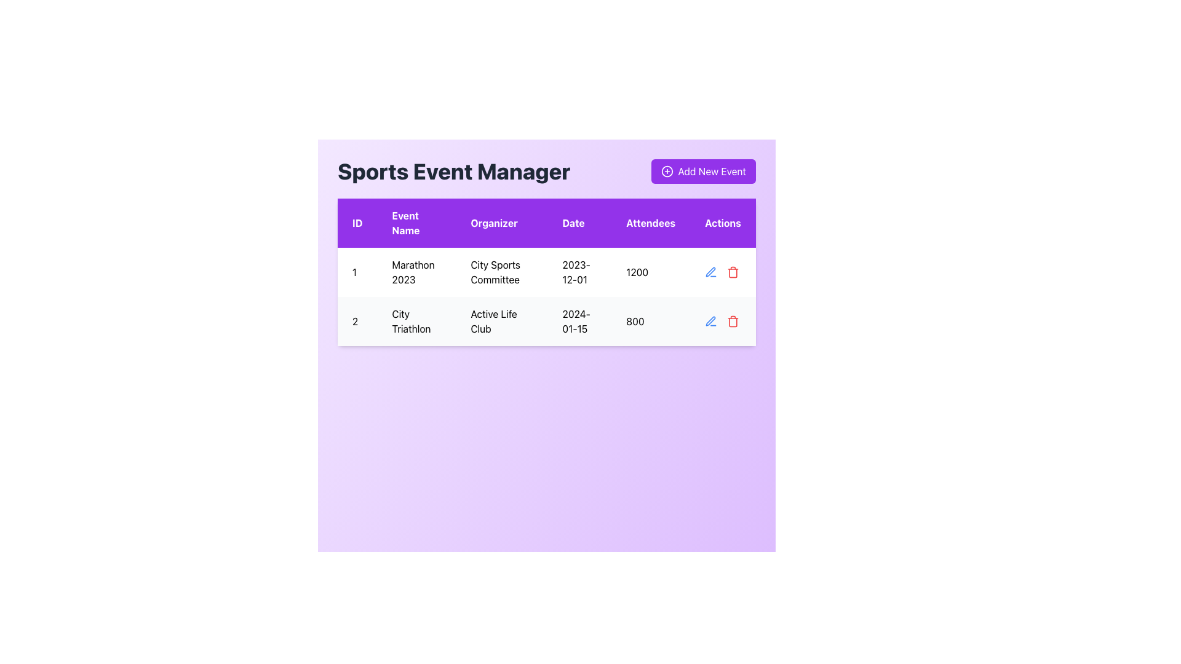 This screenshot has width=1181, height=664. I want to click on text 'ID' from the table header element styled with a purple background, located at the top-left position of the table in a grid layout, so click(357, 223).